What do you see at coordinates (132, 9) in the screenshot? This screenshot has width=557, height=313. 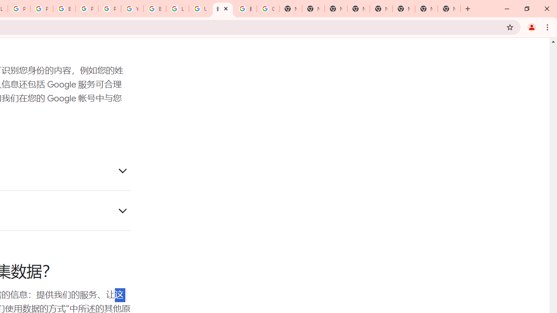 I see `'YouTube'` at bounding box center [132, 9].